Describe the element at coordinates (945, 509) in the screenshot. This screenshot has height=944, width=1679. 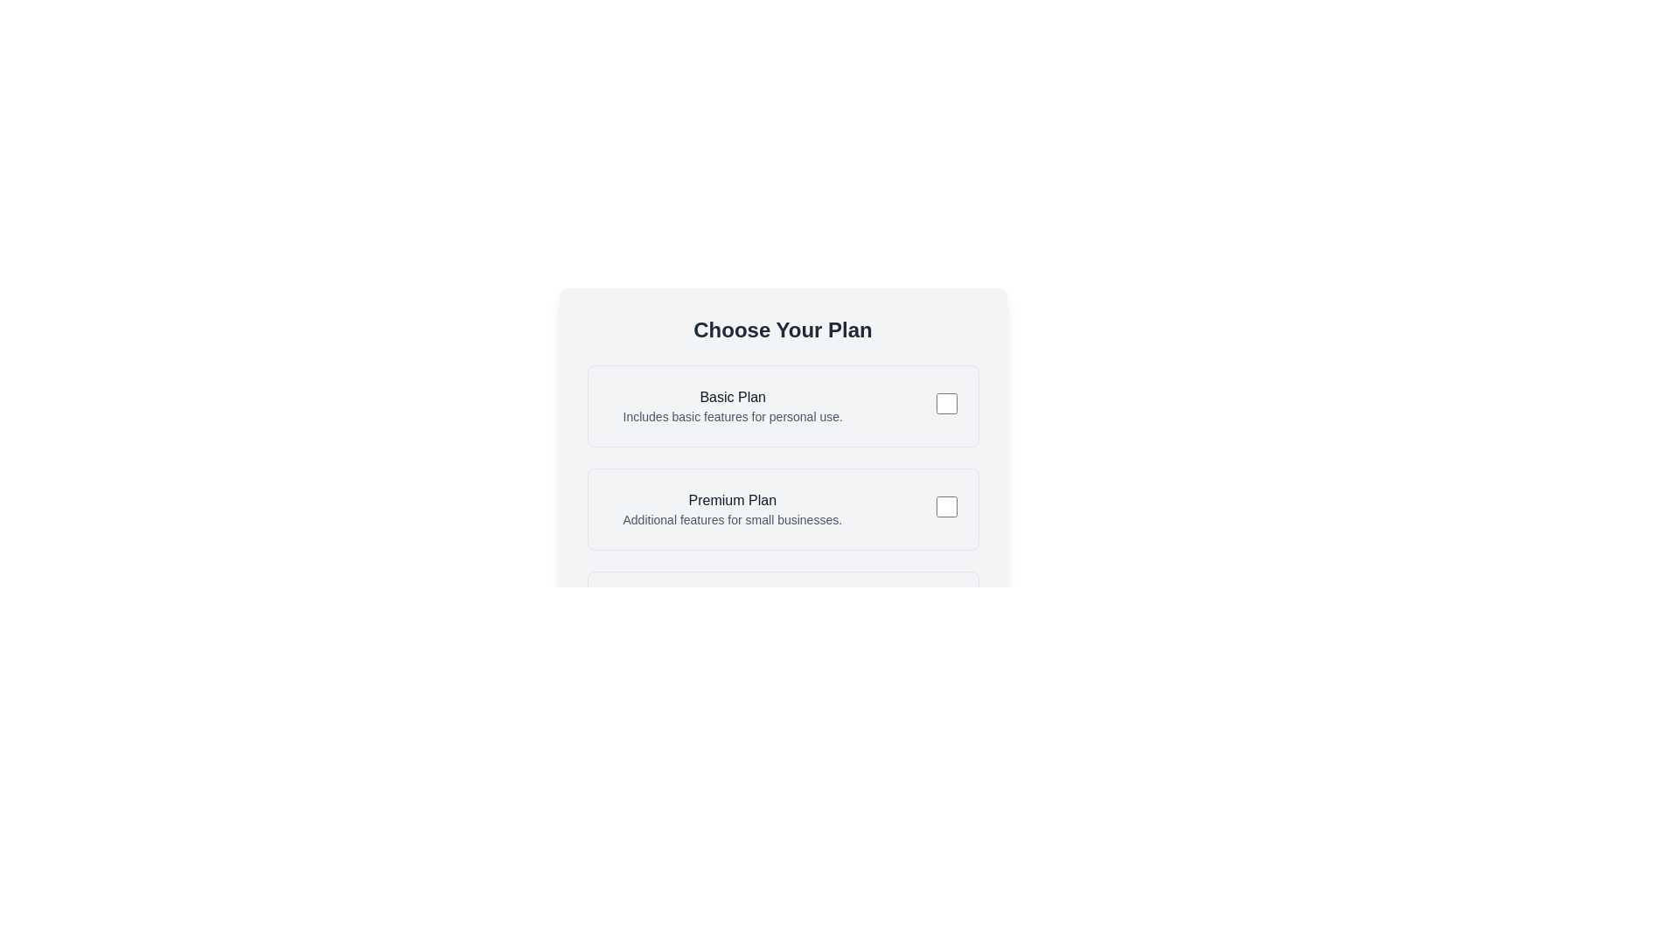
I see `the checkbox for the 'Premium Plan' option located in the bottom-right corner of the 'Choose Your Plan' interface` at that location.